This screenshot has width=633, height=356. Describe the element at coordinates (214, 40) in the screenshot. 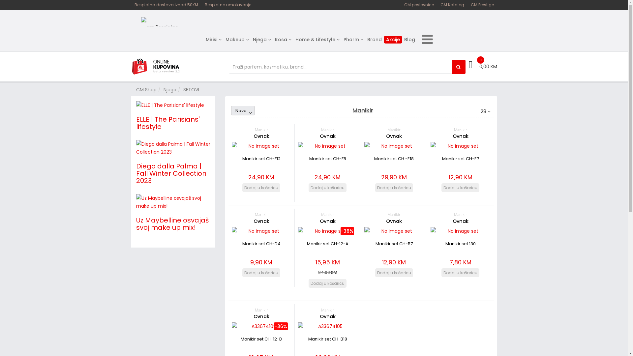

I see `'Mirisi'` at that location.